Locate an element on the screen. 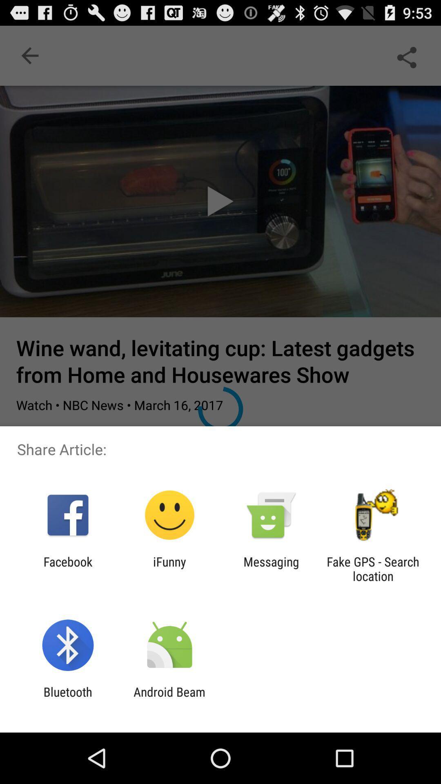 The height and width of the screenshot is (784, 441). item next to the messaging is located at coordinates (169, 568).